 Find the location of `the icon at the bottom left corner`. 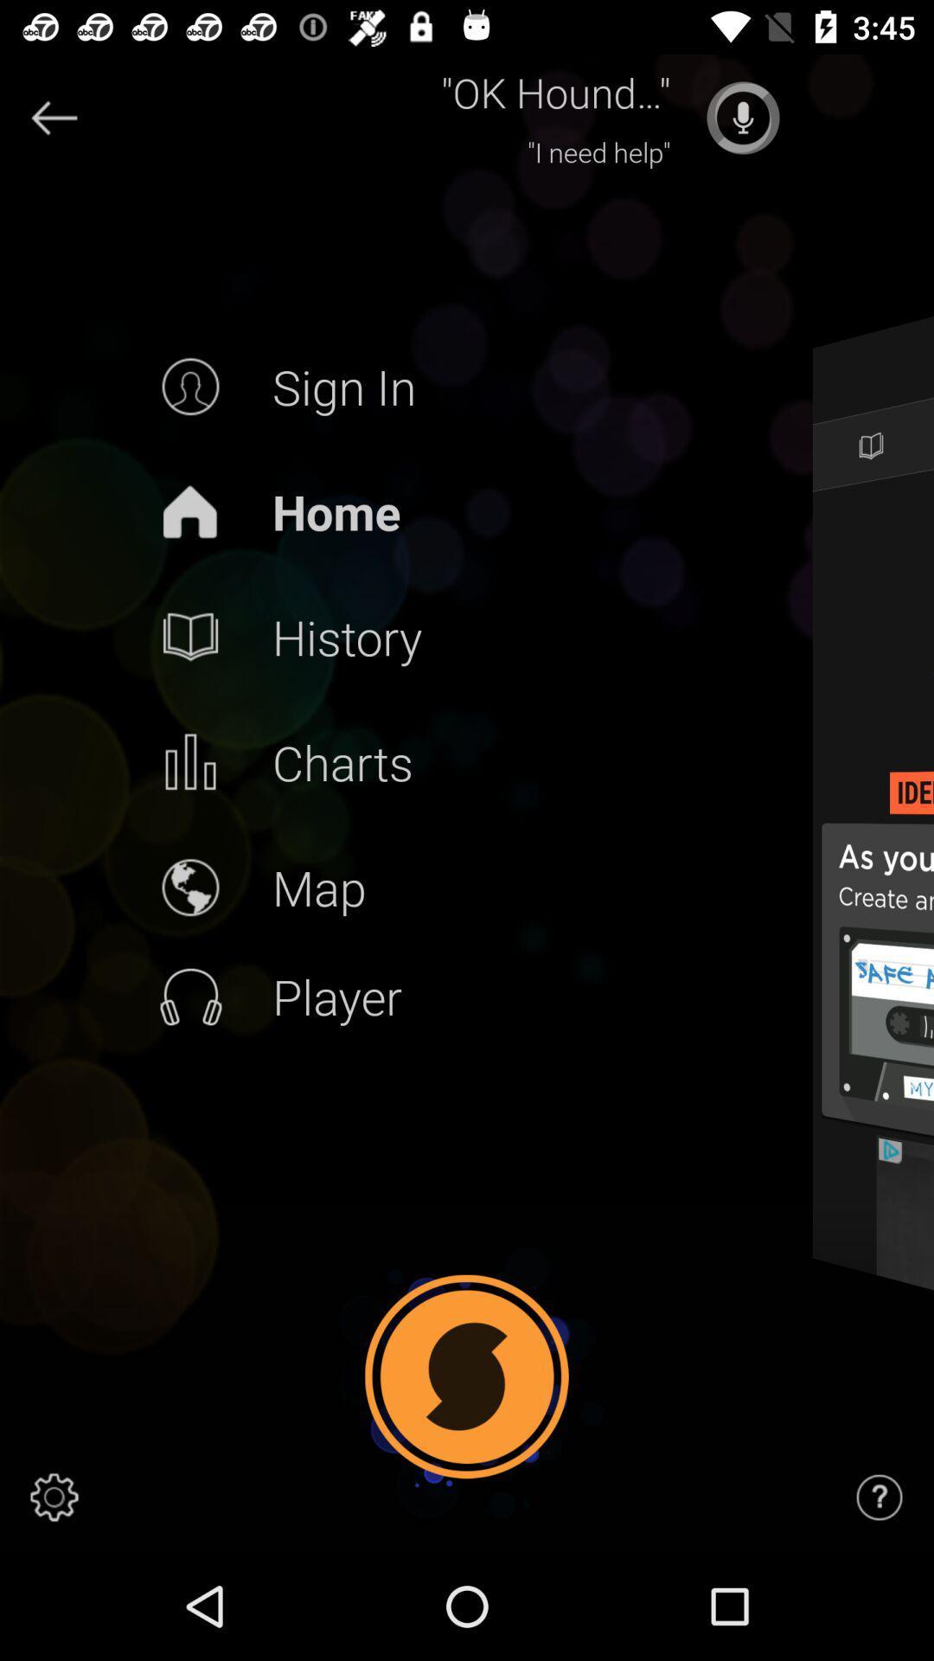

the icon at the bottom left corner is located at coordinates (53, 1497).